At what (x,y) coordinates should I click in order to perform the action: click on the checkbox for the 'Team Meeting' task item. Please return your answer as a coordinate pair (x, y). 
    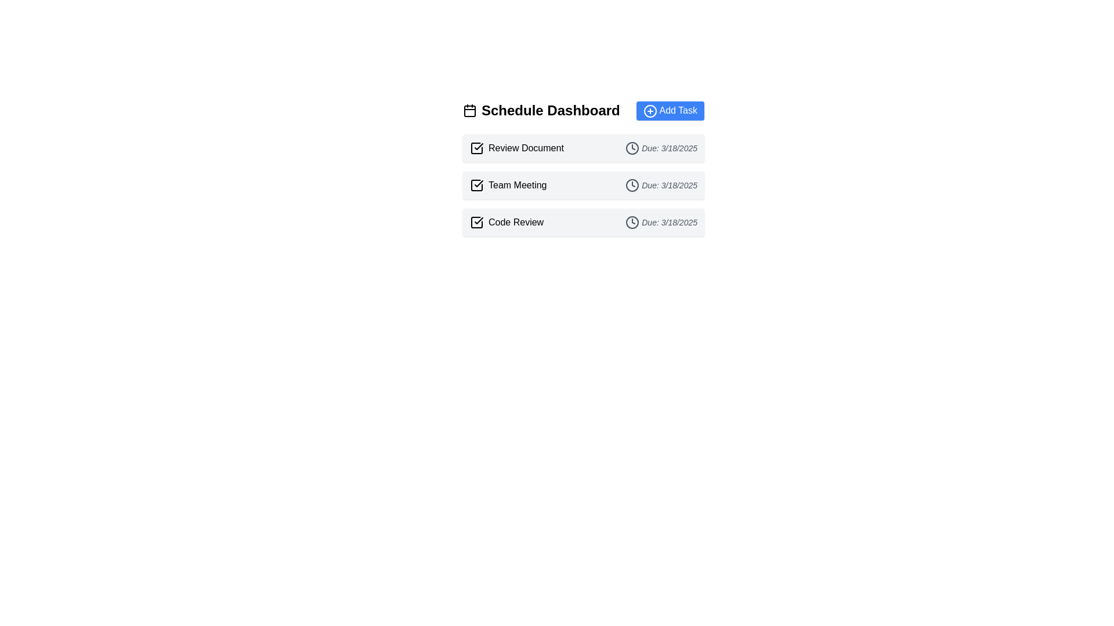
    Looking at the image, I should click on (508, 184).